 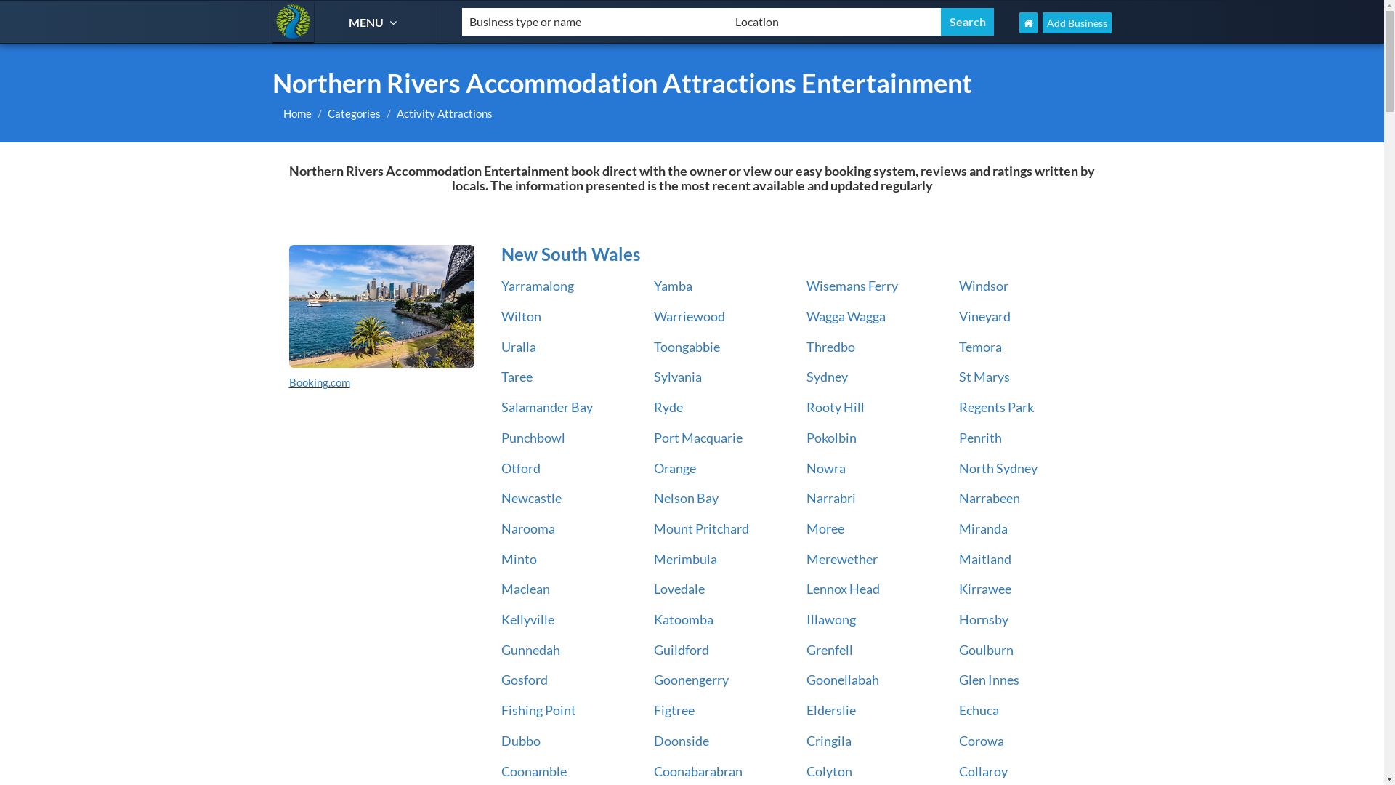 I want to click on 'Illawong', so click(x=805, y=619).